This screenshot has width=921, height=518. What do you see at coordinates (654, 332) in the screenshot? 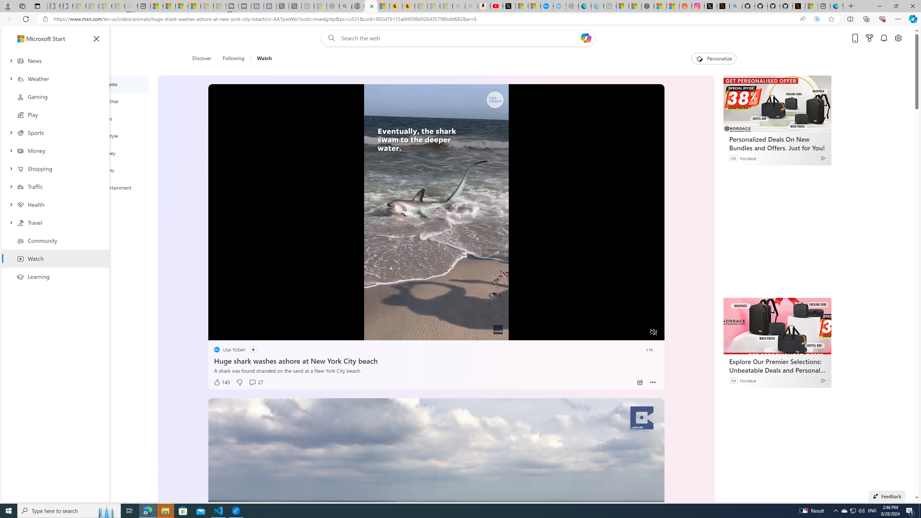
I see `'Unmute'` at bounding box center [654, 332].